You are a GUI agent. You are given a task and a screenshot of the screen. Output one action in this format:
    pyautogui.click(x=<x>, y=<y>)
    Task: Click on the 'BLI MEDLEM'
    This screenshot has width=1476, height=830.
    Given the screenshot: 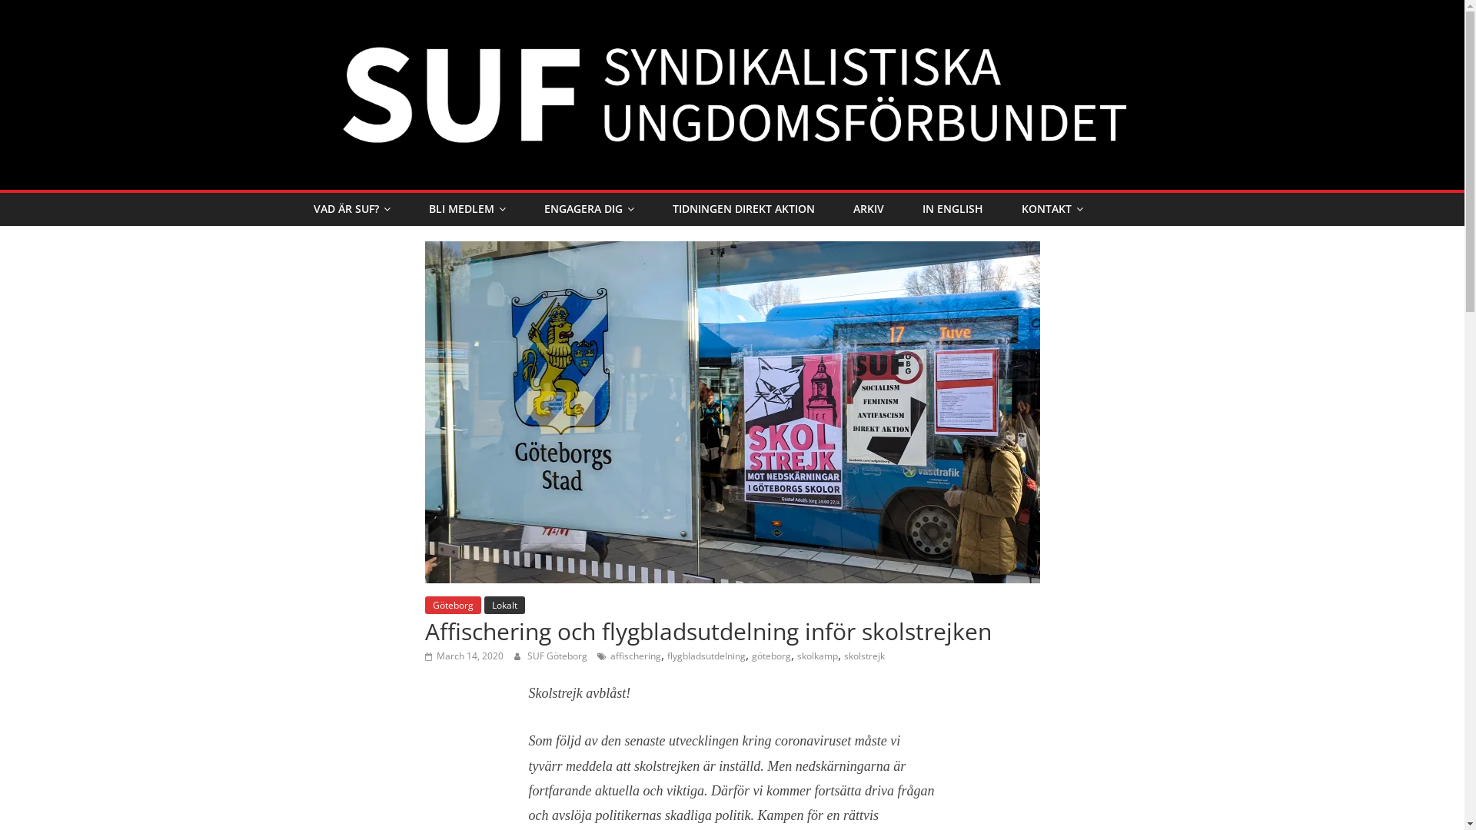 What is the action you would take?
    pyautogui.click(x=465, y=209)
    